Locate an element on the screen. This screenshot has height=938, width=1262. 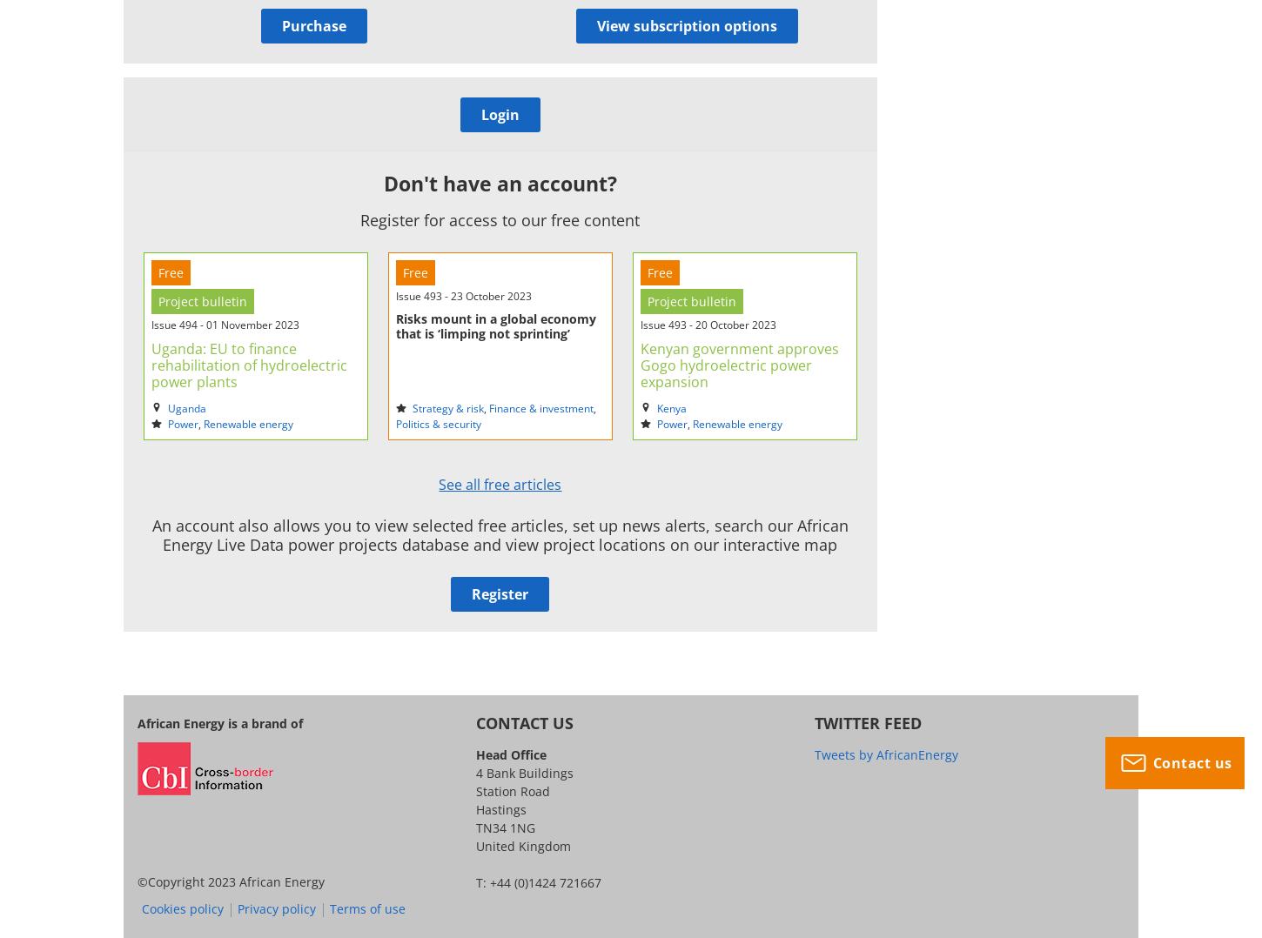
'Station Road' is located at coordinates (512, 790).